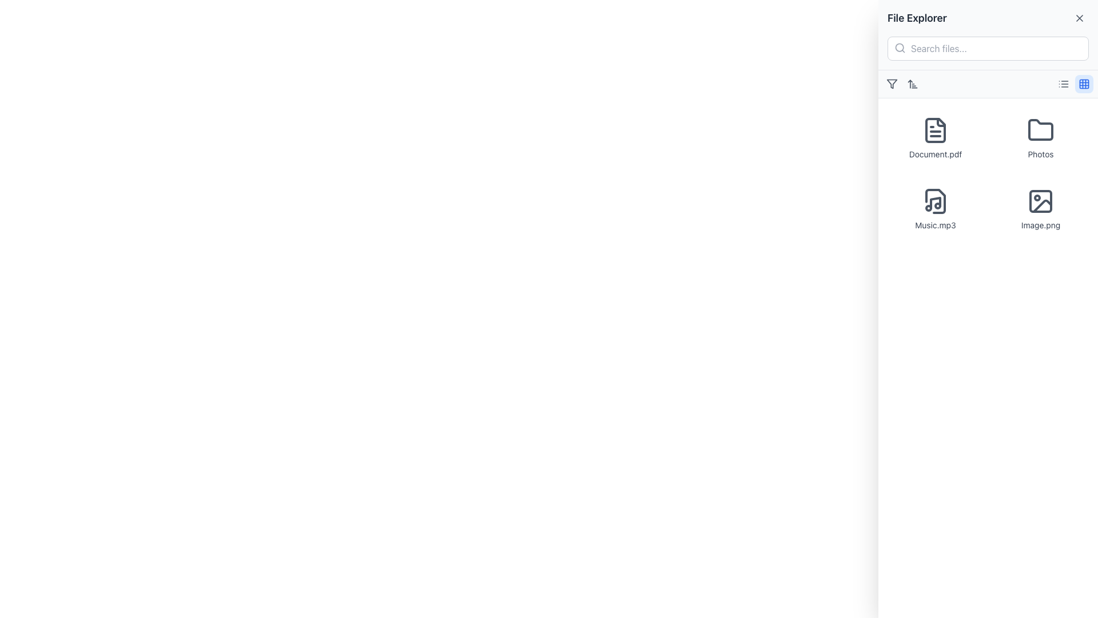 This screenshot has height=618, width=1098. I want to click on the 'Photos' folder icon, so click(1040, 138).